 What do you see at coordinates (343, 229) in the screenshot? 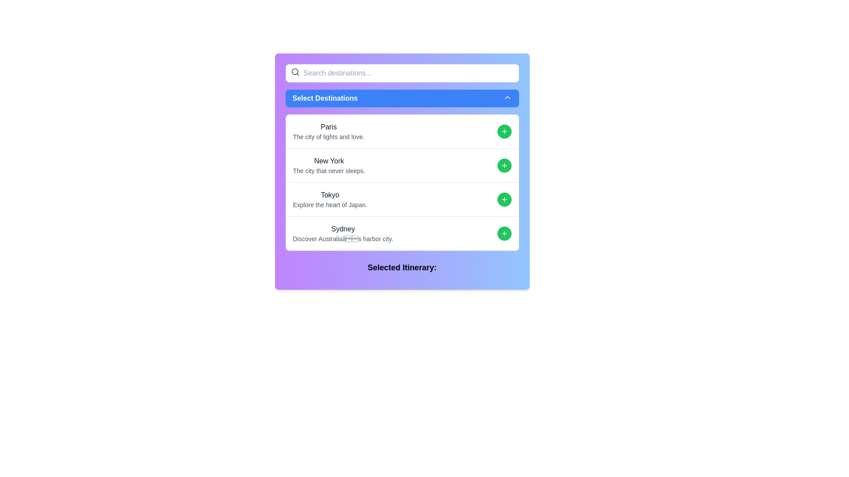
I see `the text label identifying 'Sydney' in the list of selectable destinations within the card interface titled 'Select Destinations'` at bounding box center [343, 229].